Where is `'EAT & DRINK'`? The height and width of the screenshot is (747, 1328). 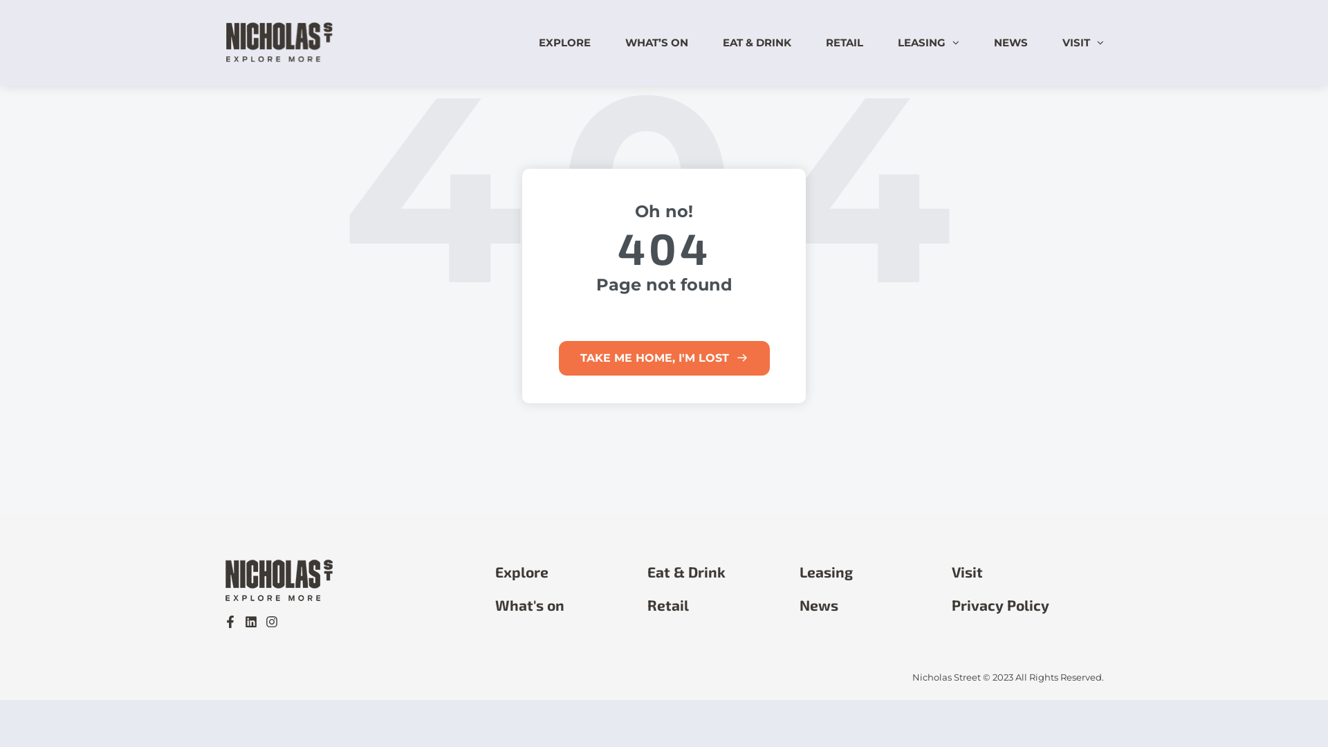 'EAT & DRINK' is located at coordinates (756, 41).